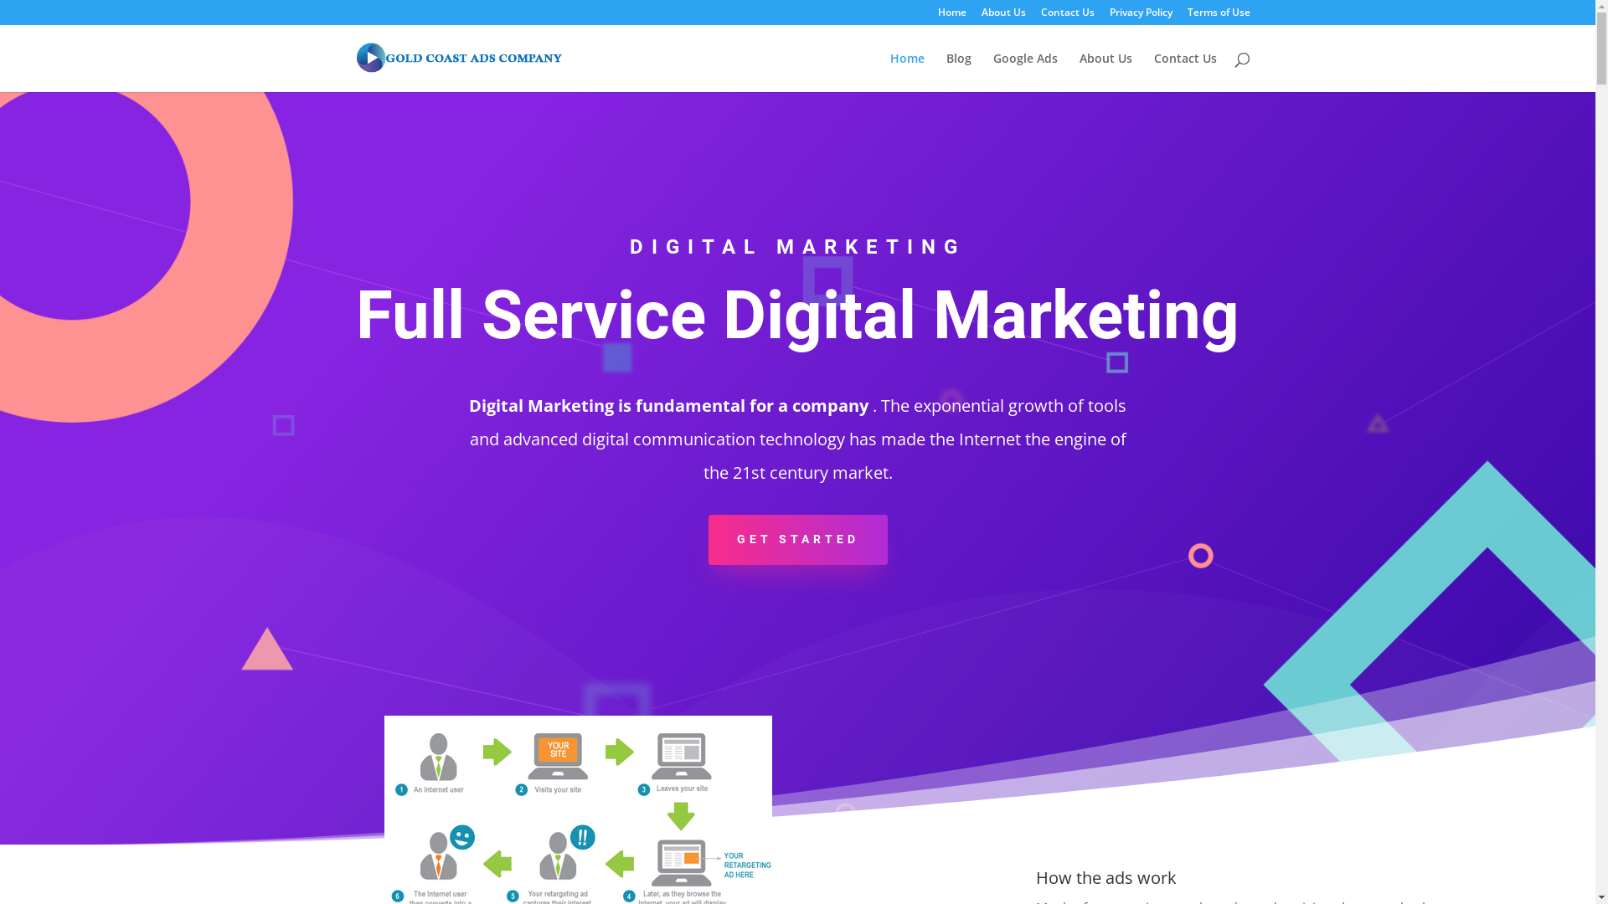 Image resolution: width=1608 pixels, height=904 pixels. What do you see at coordinates (1139, 16) in the screenshot?
I see `'Privacy Policy'` at bounding box center [1139, 16].